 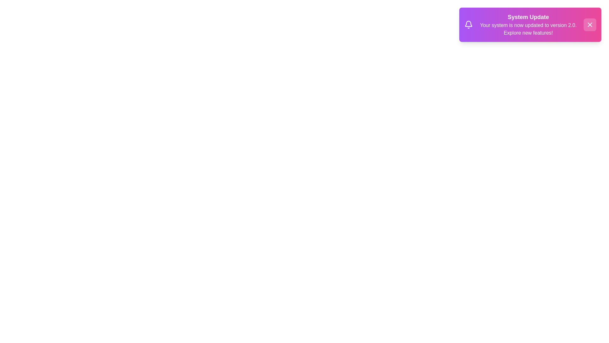 What do you see at coordinates (468, 24) in the screenshot?
I see `the bell icon to interact with it` at bounding box center [468, 24].